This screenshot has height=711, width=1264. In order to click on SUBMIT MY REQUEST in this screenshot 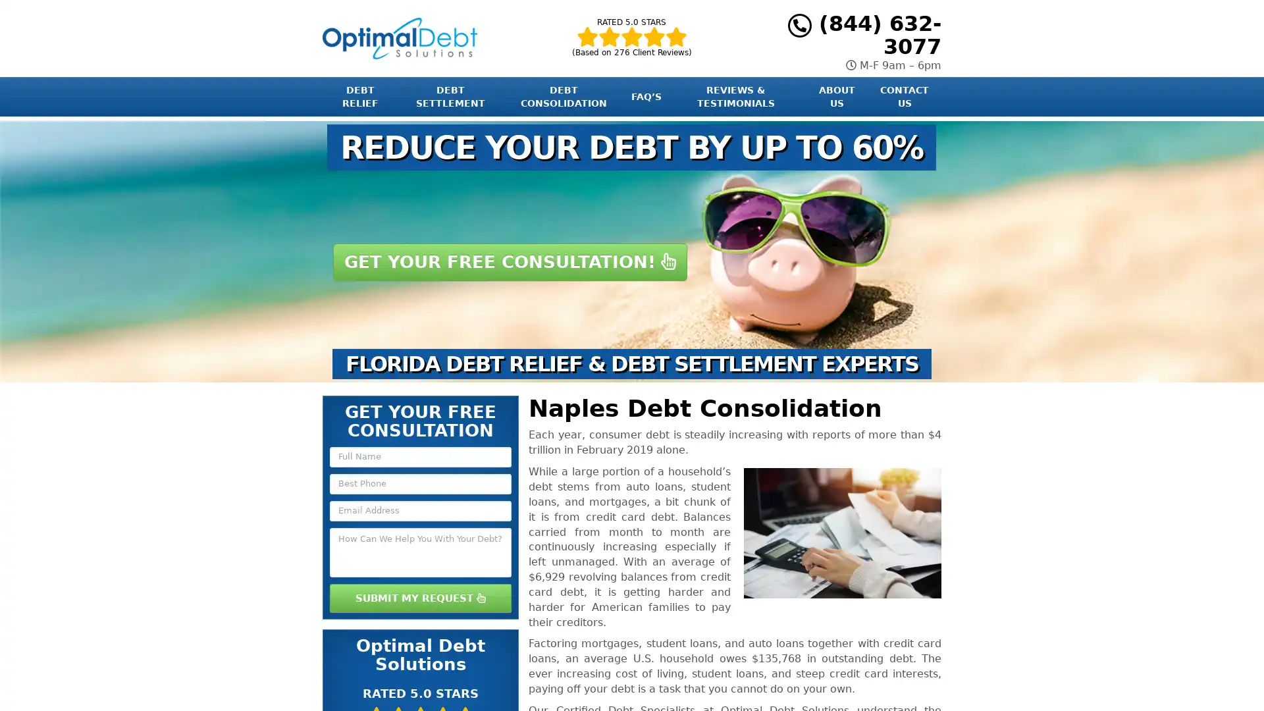, I will do `click(419, 597)`.